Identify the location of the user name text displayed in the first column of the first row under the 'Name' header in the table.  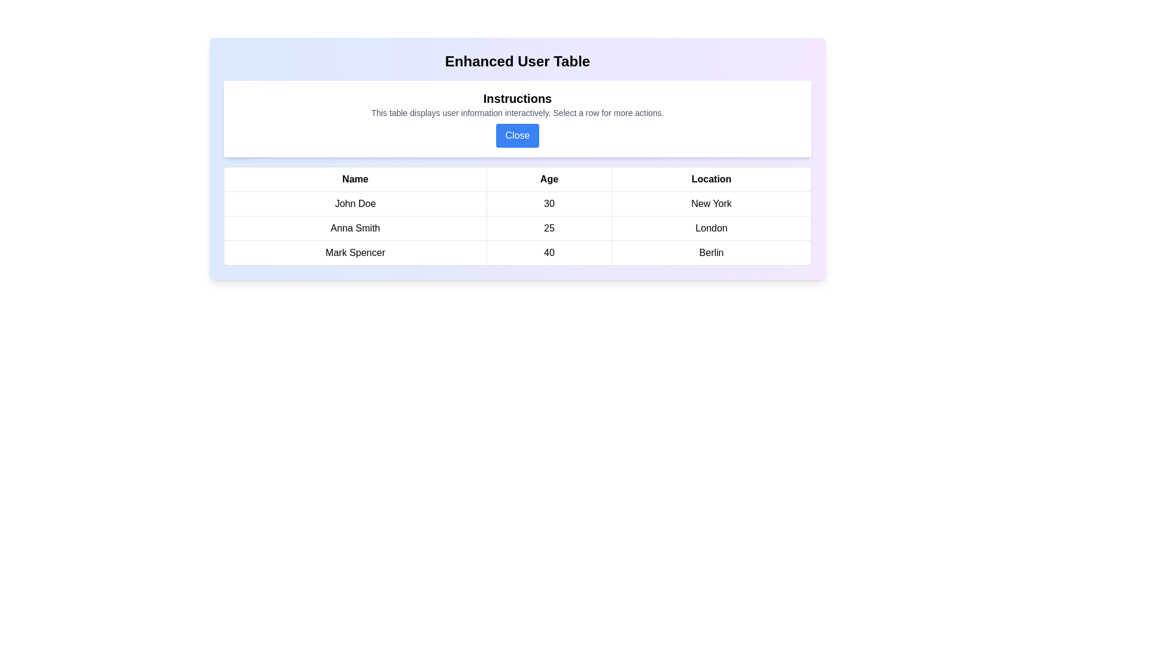
(354, 203).